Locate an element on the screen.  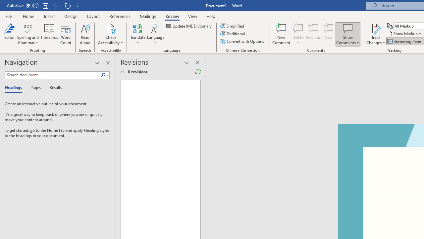
'Headings' is located at coordinates (15, 88).